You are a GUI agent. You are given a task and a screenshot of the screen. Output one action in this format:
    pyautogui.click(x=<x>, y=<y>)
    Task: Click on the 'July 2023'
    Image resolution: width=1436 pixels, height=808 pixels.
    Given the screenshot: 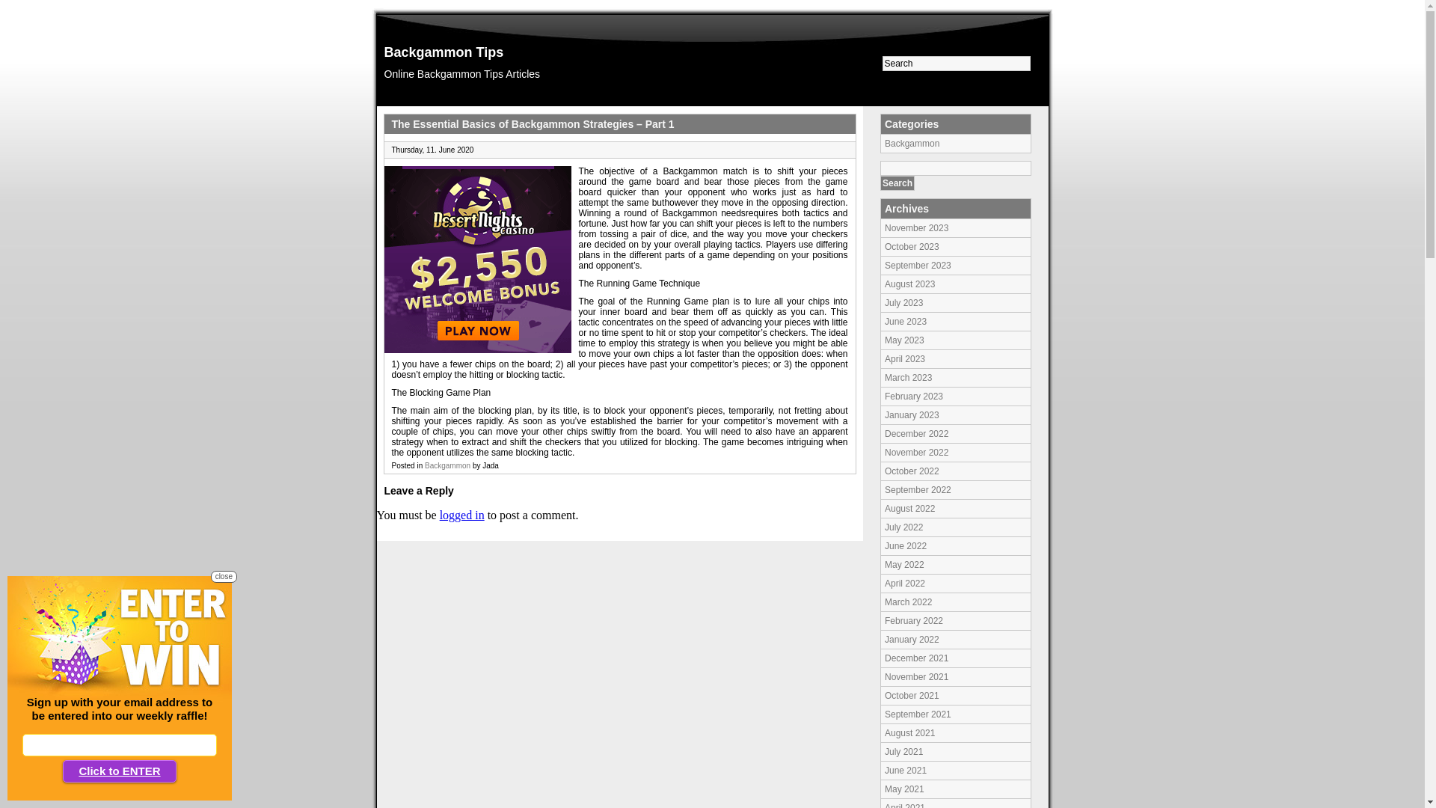 What is the action you would take?
    pyautogui.click(x=903, y=303)
    